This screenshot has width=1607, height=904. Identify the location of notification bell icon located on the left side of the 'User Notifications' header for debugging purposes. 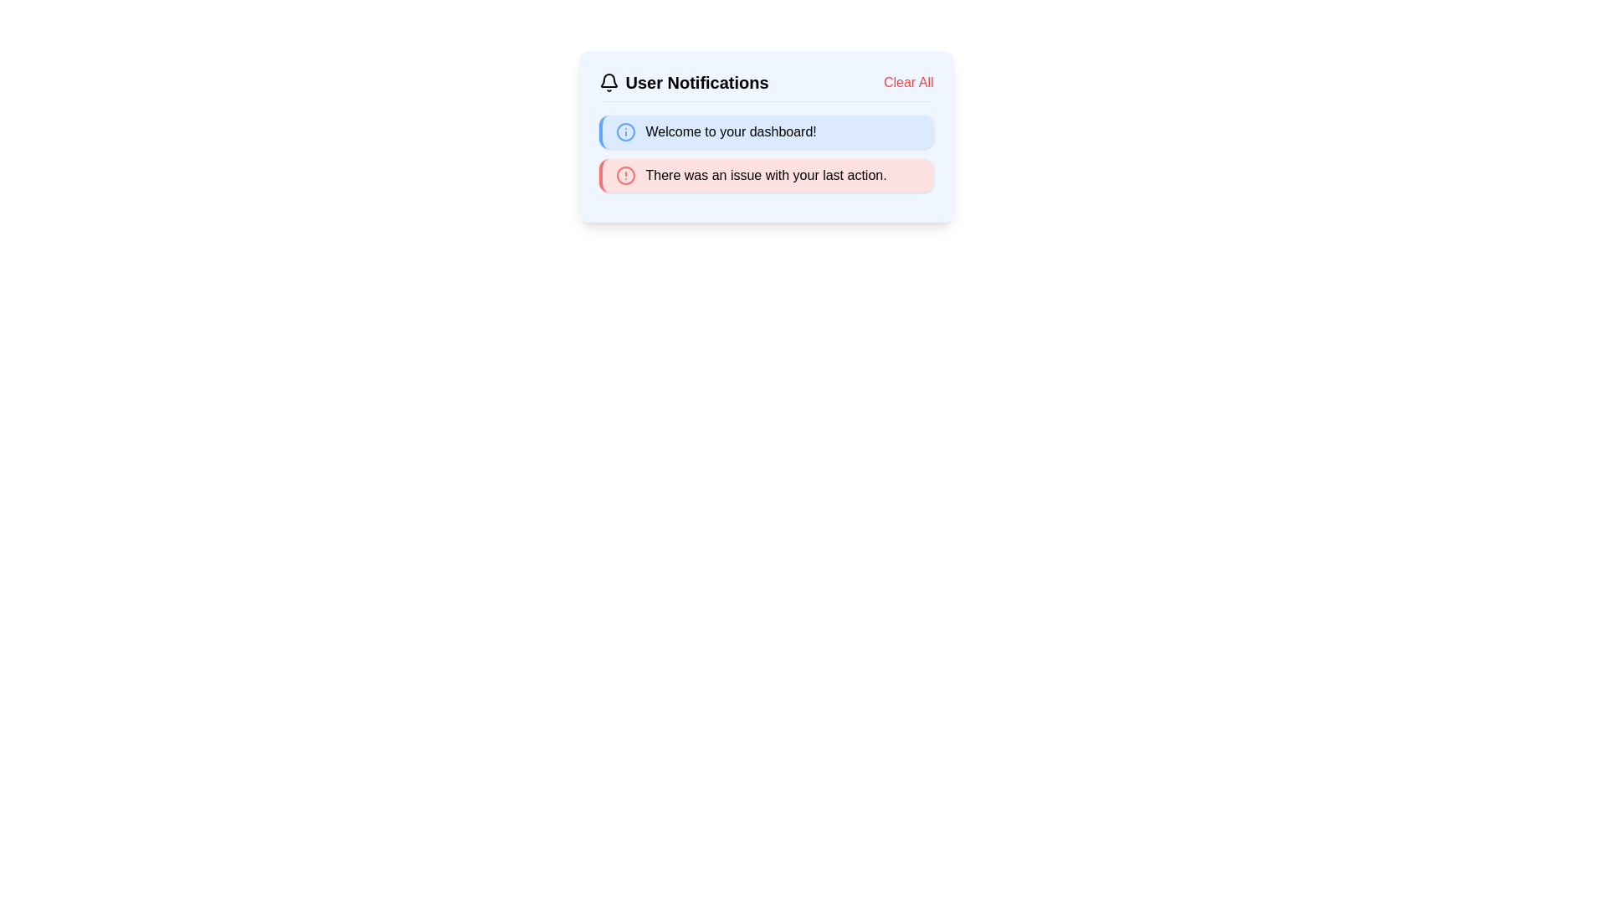
(608, 83).